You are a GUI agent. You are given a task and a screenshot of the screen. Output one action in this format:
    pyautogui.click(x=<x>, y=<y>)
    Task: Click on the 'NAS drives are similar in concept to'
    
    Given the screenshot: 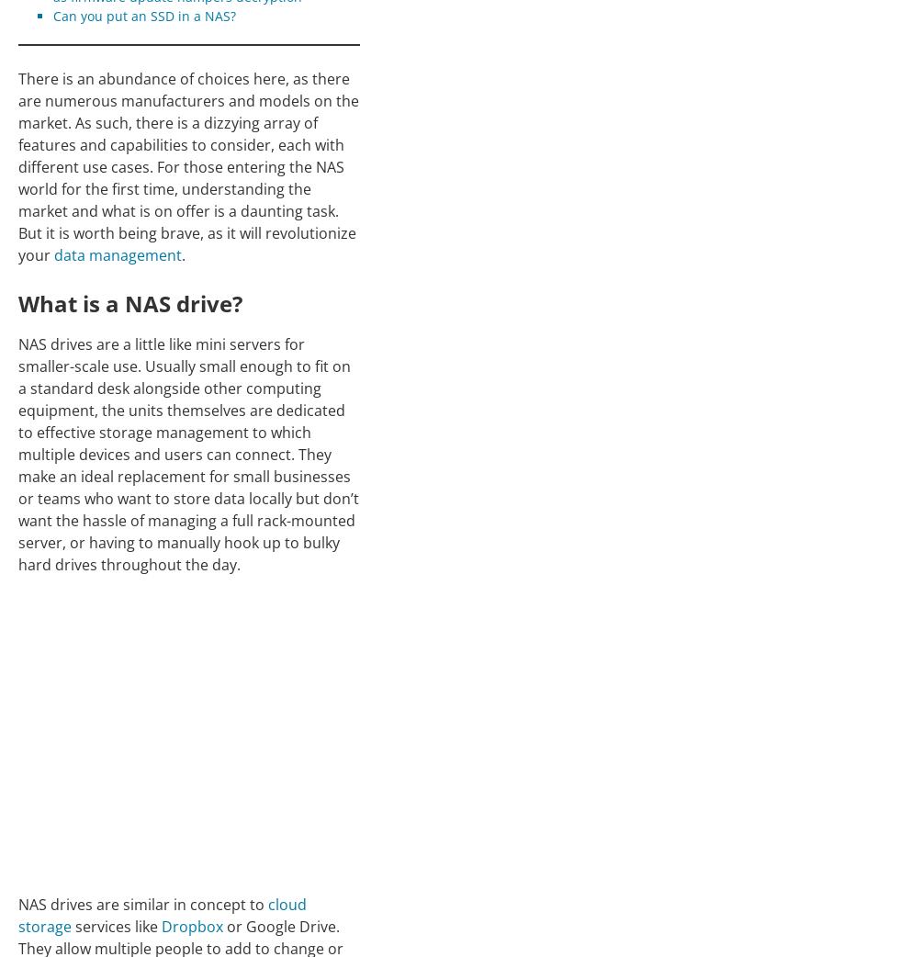 What is the action you would take?
    pyautogui.click(x=143, y=903)
    